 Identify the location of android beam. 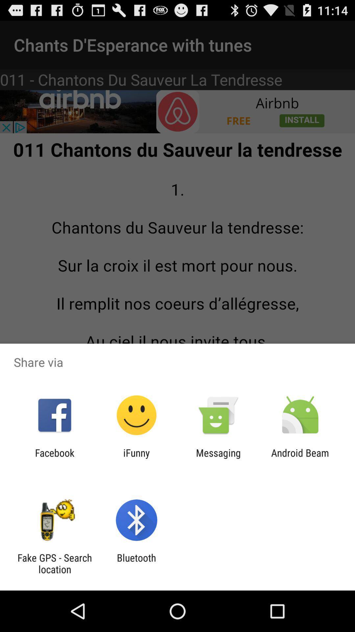
(300, 458).